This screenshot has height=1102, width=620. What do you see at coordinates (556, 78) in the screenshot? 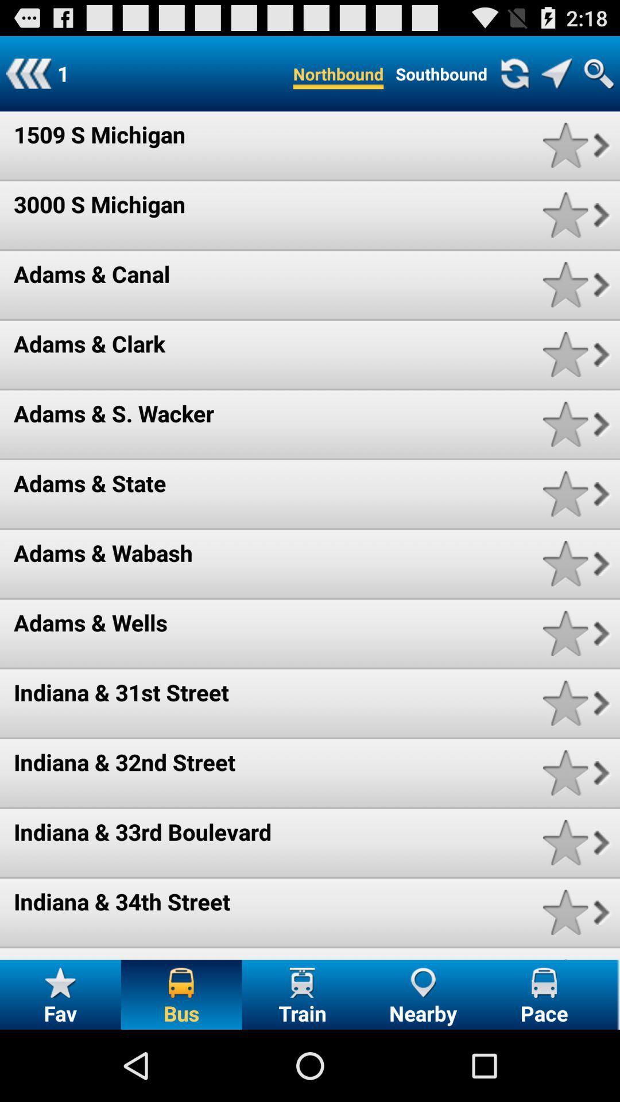
I see `the navigation icon` at bounding box center [556, 78].